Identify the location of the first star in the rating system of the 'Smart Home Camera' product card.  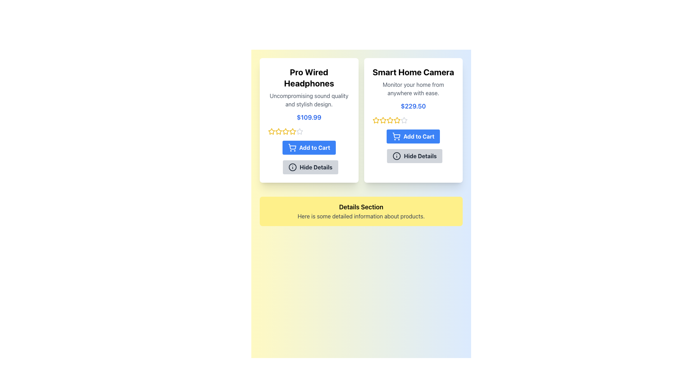
(375, 120).